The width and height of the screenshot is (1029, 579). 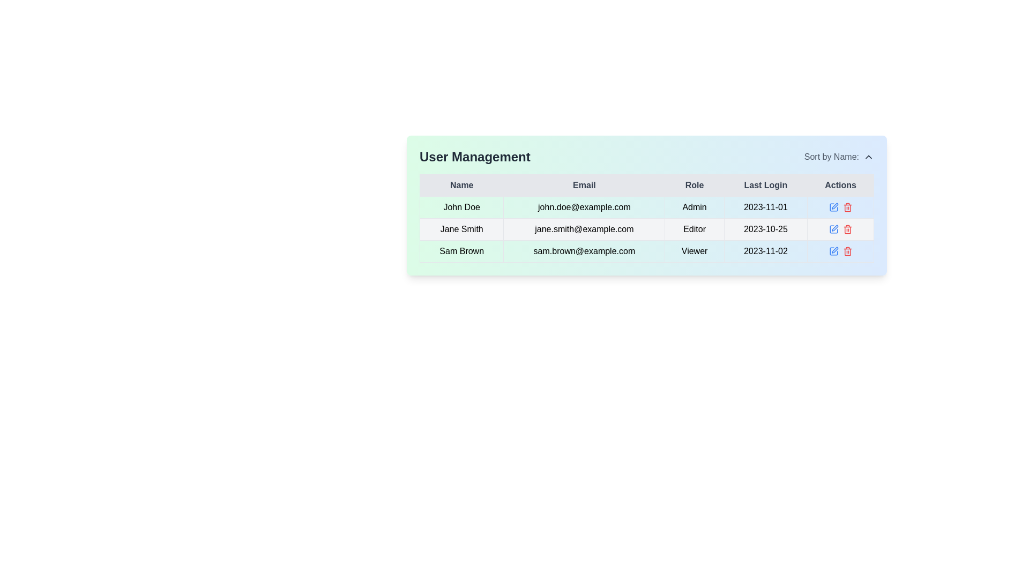 What do you see at coordinates (840, 185) in the screenshot?
I see `the 'Actions' label located at the top right side of the table, which is the fifth header in the row` at bounding box center [840, 185].